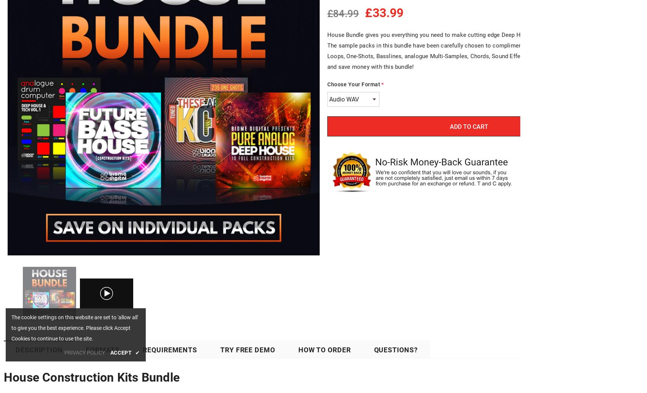 This screenshot has height=393, width=647. Describe the element at coordinates (298, 349) in the screenshot. I see `'How To Order'` at that location.